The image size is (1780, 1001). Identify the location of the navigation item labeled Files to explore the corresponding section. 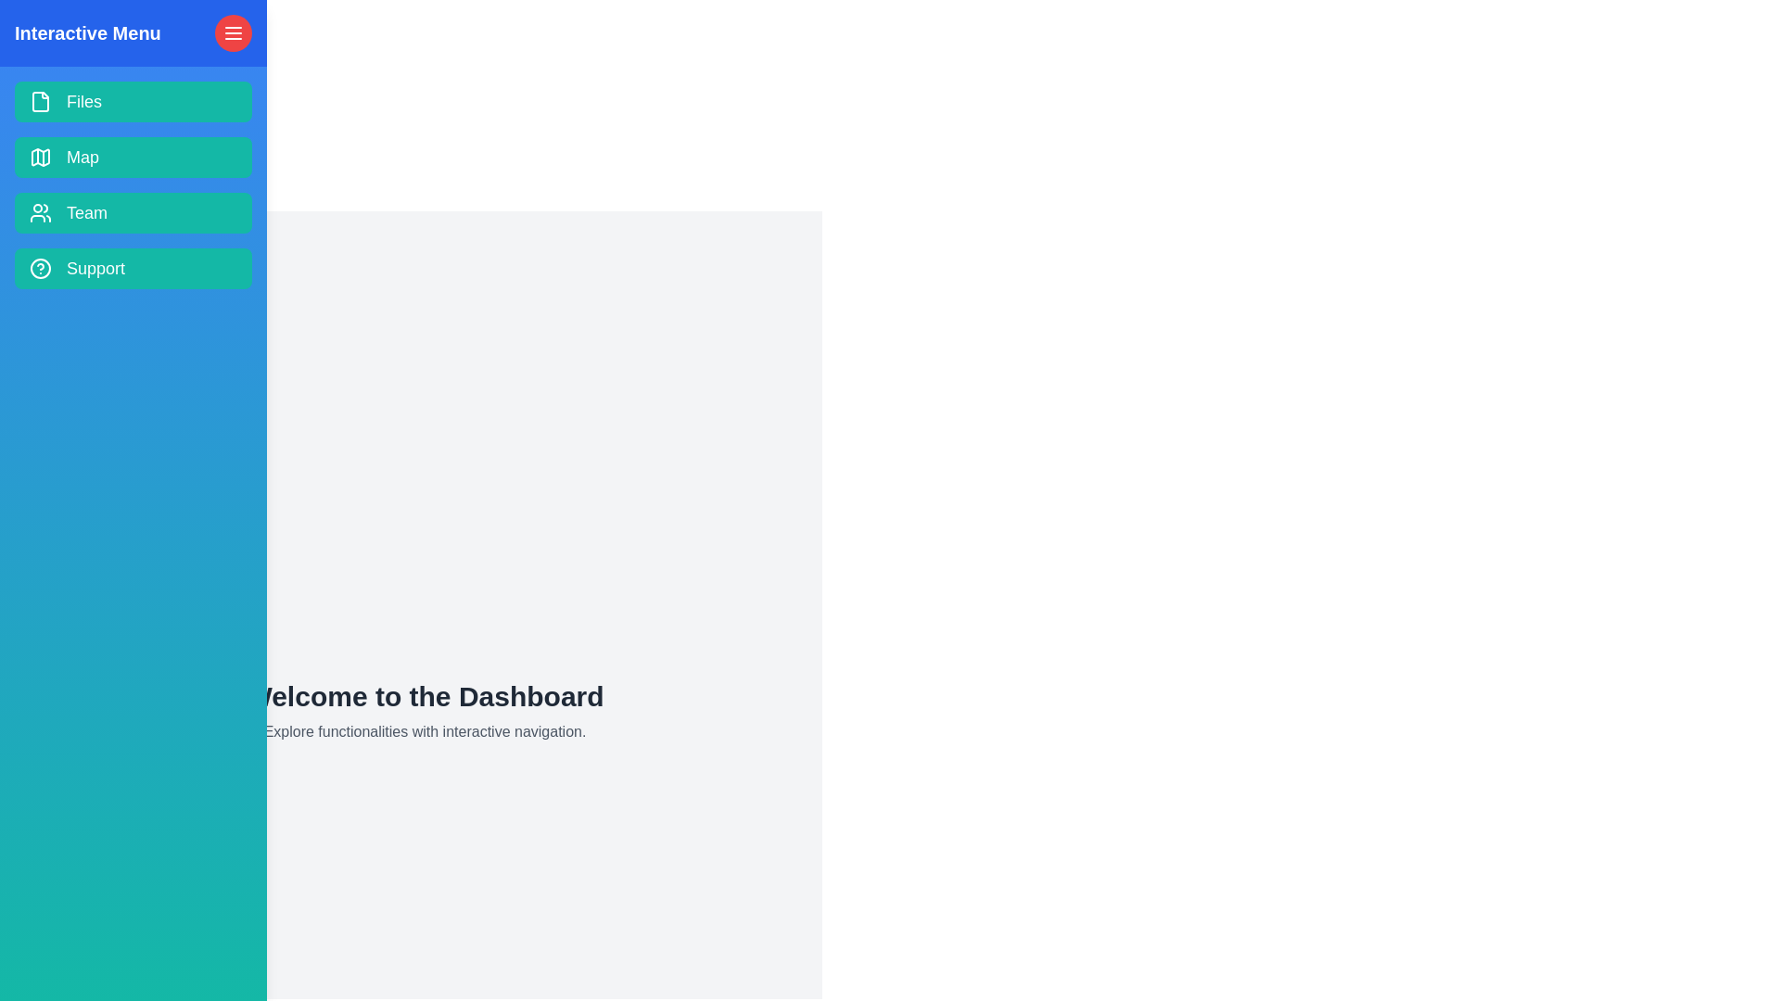
(133, 102).